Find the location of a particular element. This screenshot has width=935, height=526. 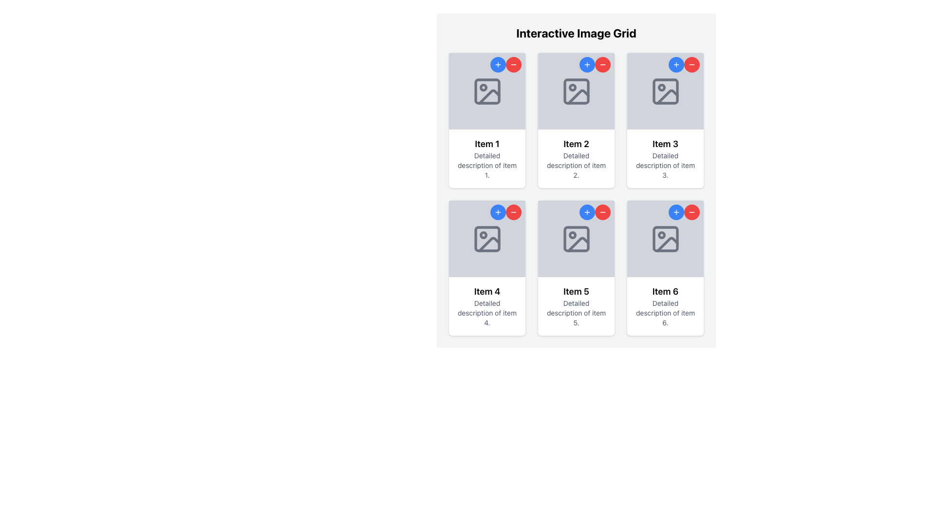

descriptive text element that provides additional information about 'Item 2', located below the title 'Item 2' is located at coordinates (576, 165).